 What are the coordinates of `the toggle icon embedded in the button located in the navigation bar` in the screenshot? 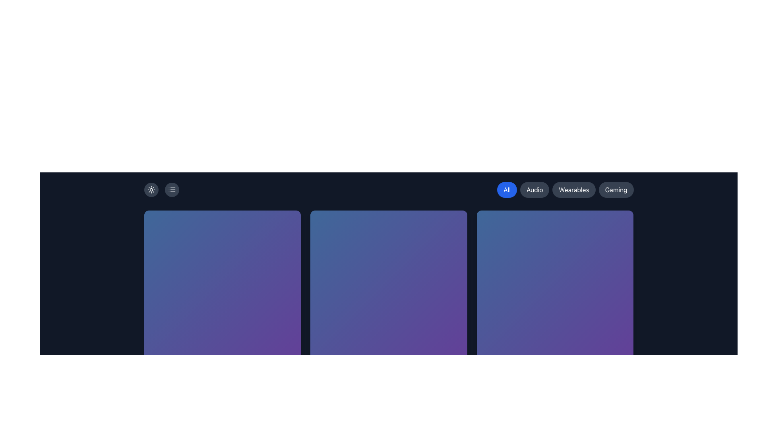 It's located at (171, 190).